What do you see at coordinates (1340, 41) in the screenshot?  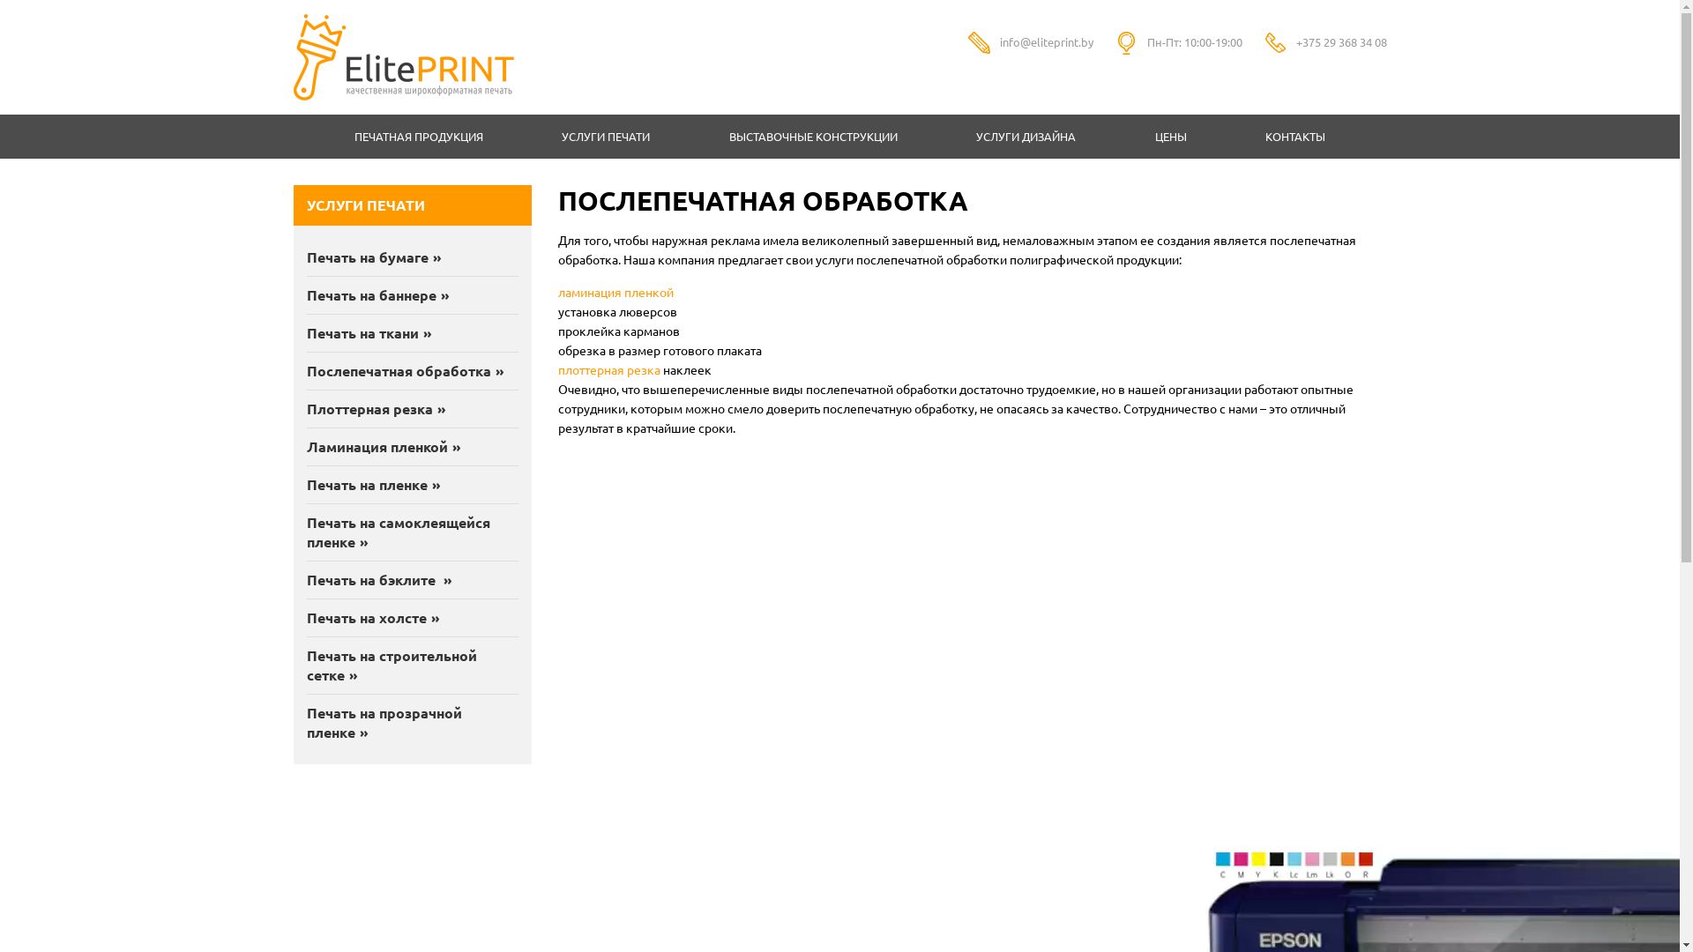 I see `'+375 29 368 34 08'` at bounding box center [1340, 41].